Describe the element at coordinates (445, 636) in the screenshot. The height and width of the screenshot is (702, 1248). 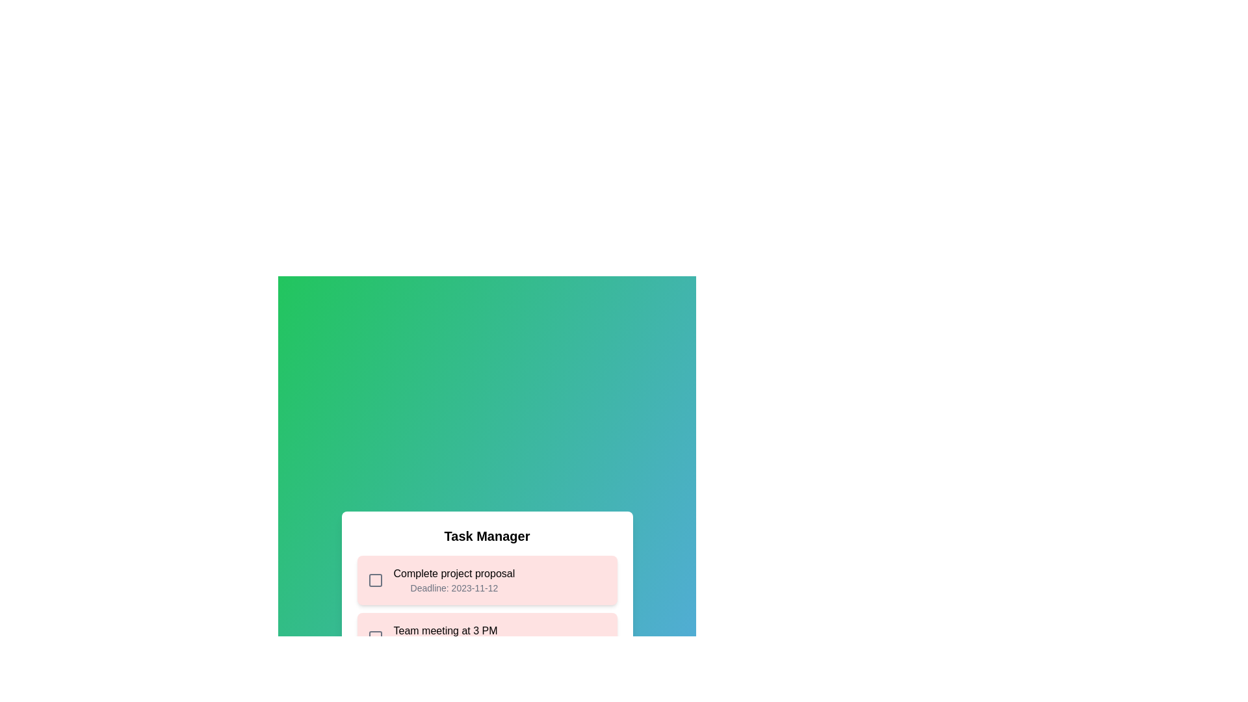
I see `the task header text label located in the second card of the task management application, positioned below the card containing 'Complete project proposal'` at that location.